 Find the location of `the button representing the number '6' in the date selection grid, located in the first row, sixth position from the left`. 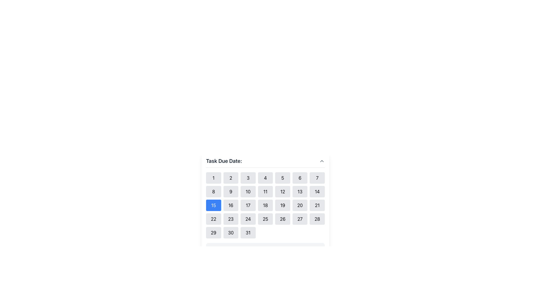

the button representing the number '6' in the date selection grid, located in the first row, sixth position from the left is located at coordinates (300, 178).